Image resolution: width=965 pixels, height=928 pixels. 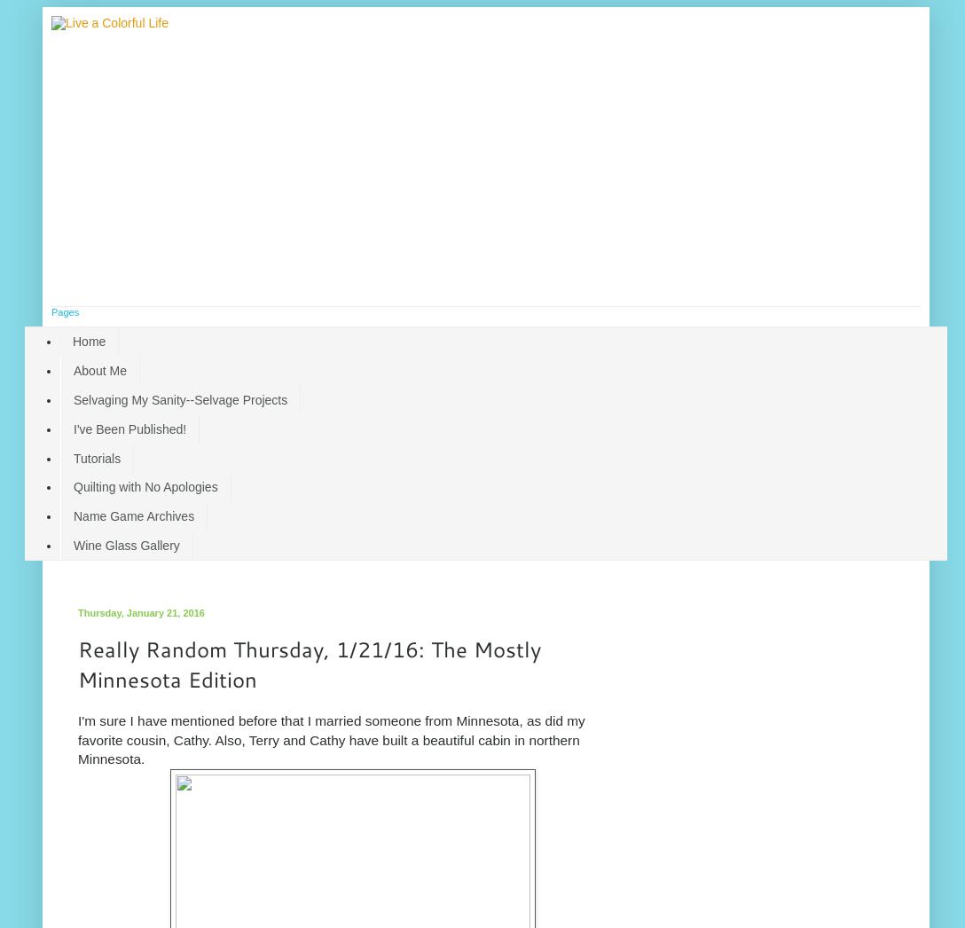 What do you see at coordinates (139, 612) in the screenshot?
I see `'Thursday, January 21, 2016'` at bounding box center [139, 612].